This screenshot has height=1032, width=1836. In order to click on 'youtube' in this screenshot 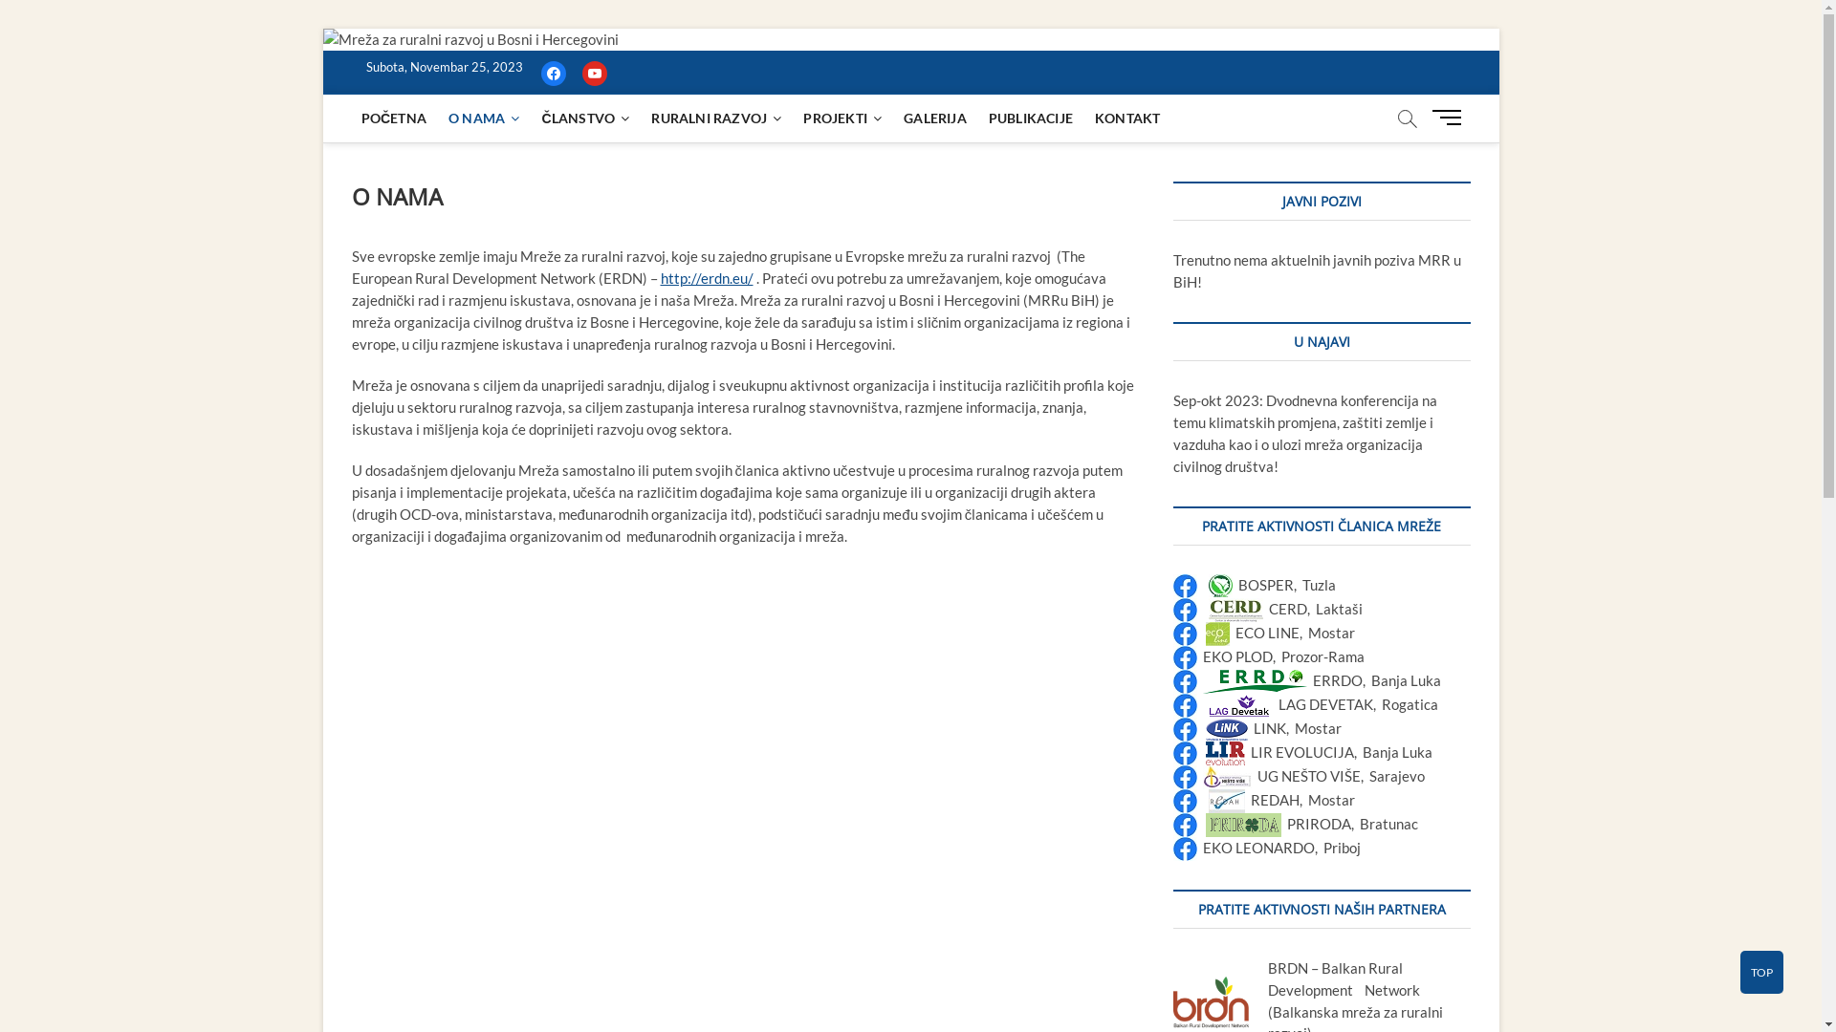, I will do `click(592, 70)`.